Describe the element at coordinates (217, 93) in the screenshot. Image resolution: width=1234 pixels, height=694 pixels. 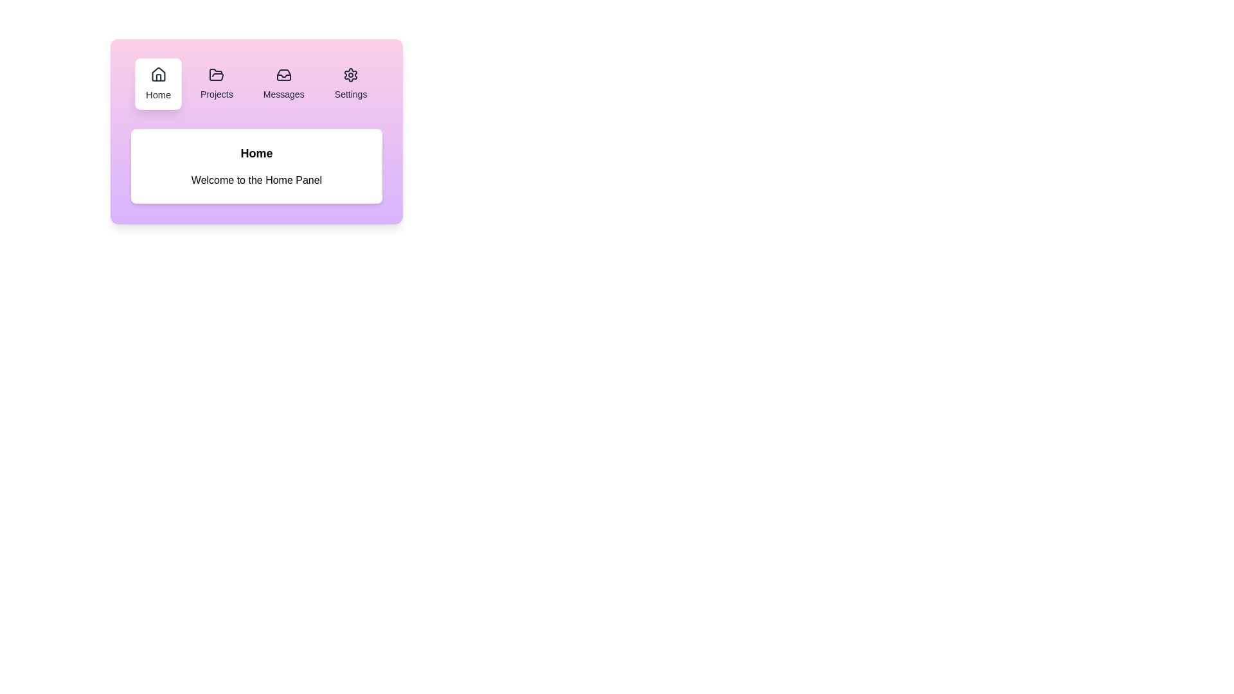
I see `the 'Projects' text label in the navigation bar, which indicates the section that directs to project-related functionality` at that location.